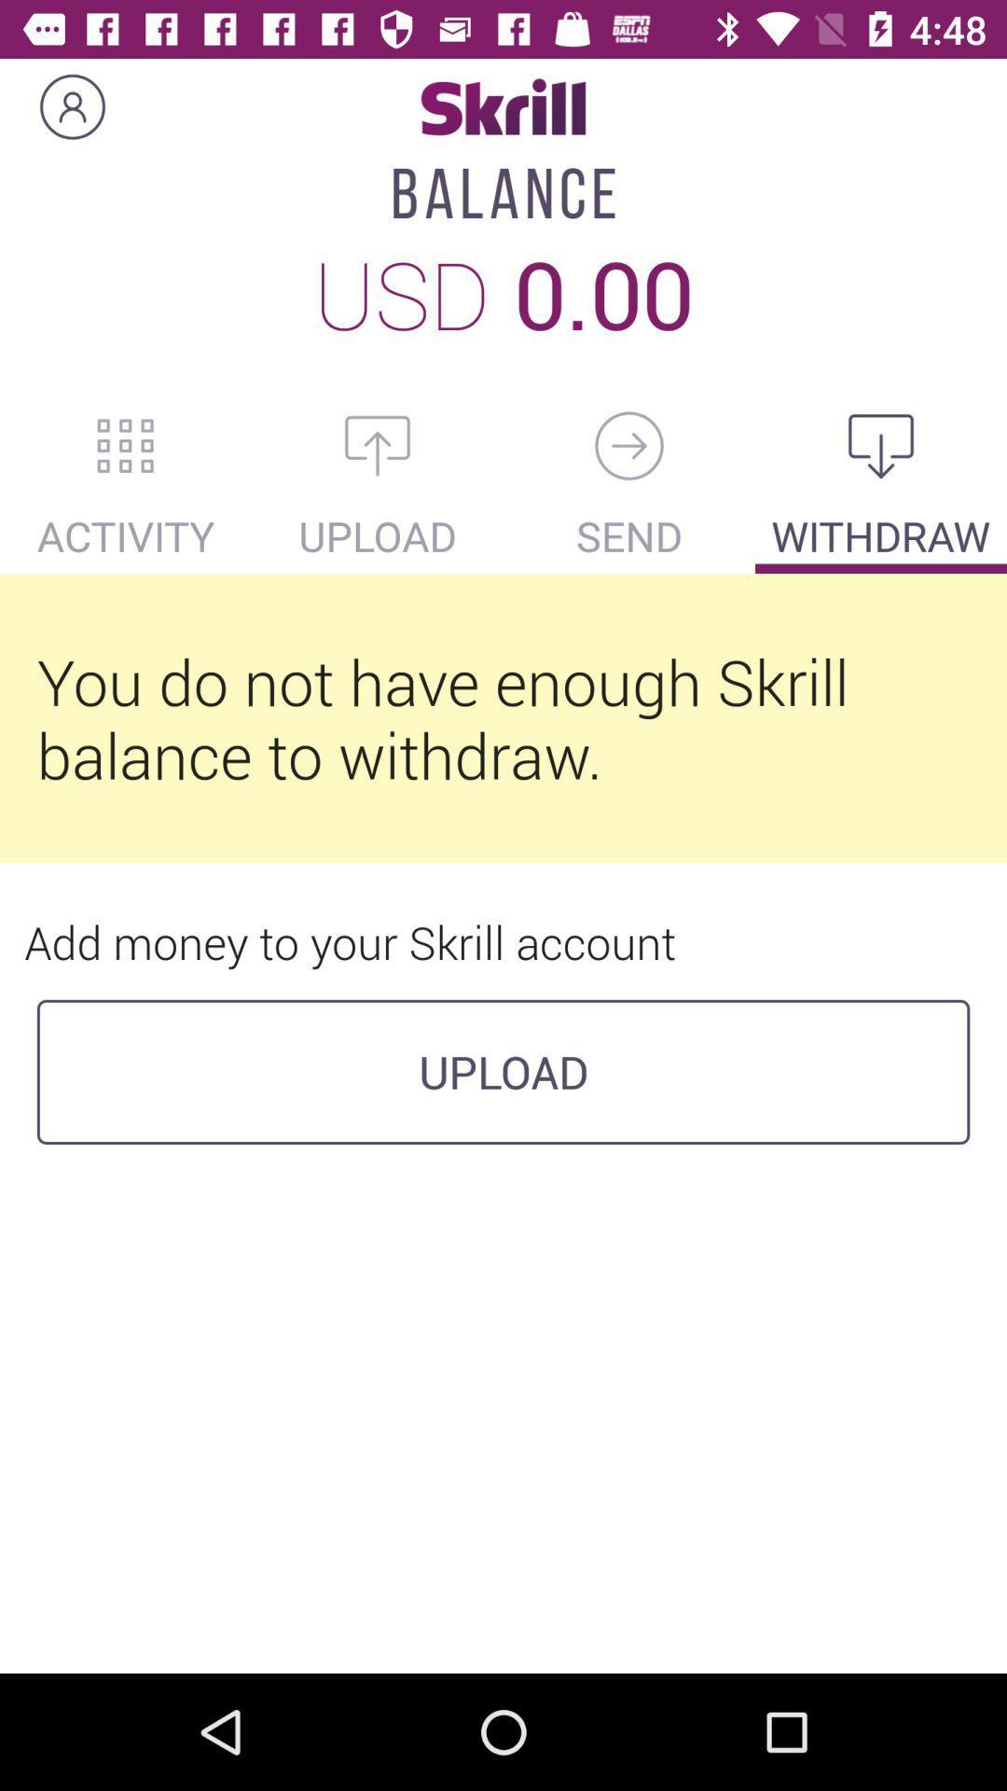  What do you see at coordinates (378, 445) in the screenshot?
I see `open` at bounding box center [378, 445].